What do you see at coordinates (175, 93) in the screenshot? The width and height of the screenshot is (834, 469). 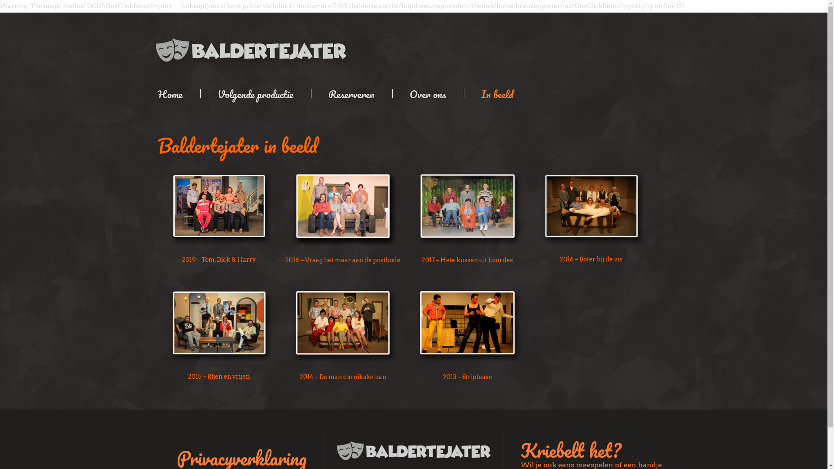 I see `'Home'` at bounding box center [175, 93].